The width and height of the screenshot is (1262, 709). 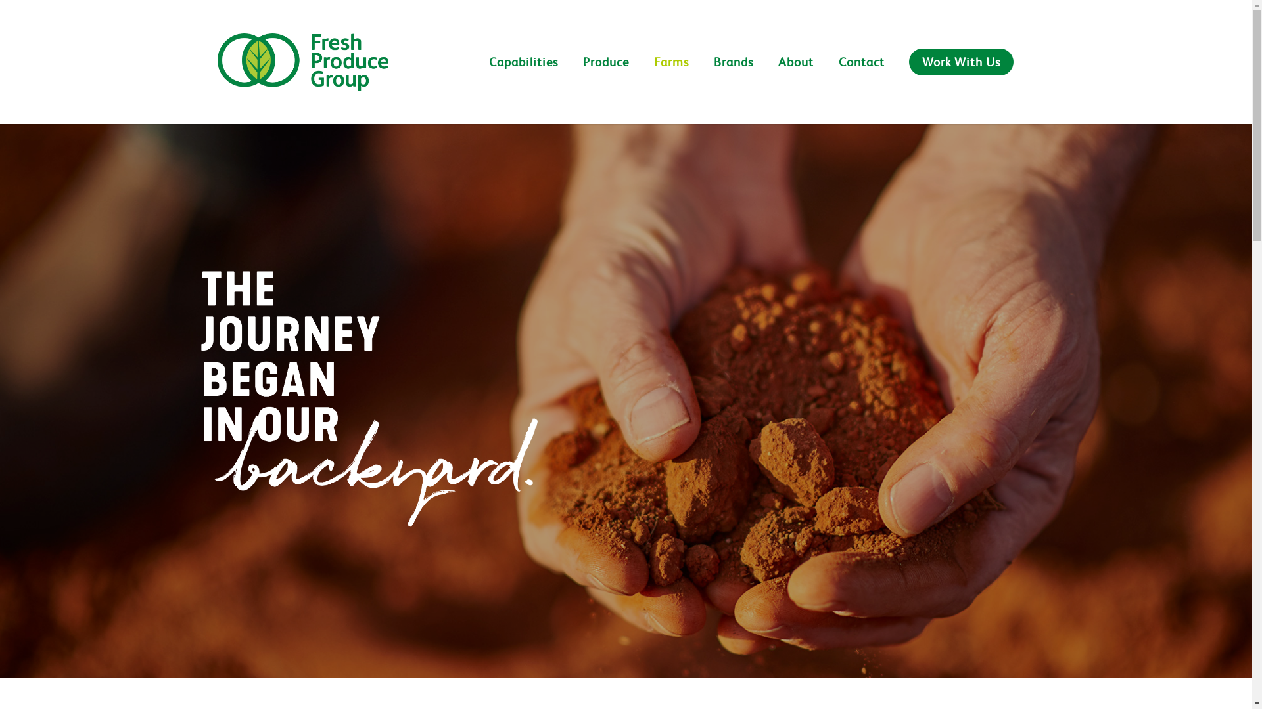 I want to click on 'Farms', so click(x=671, y=78).